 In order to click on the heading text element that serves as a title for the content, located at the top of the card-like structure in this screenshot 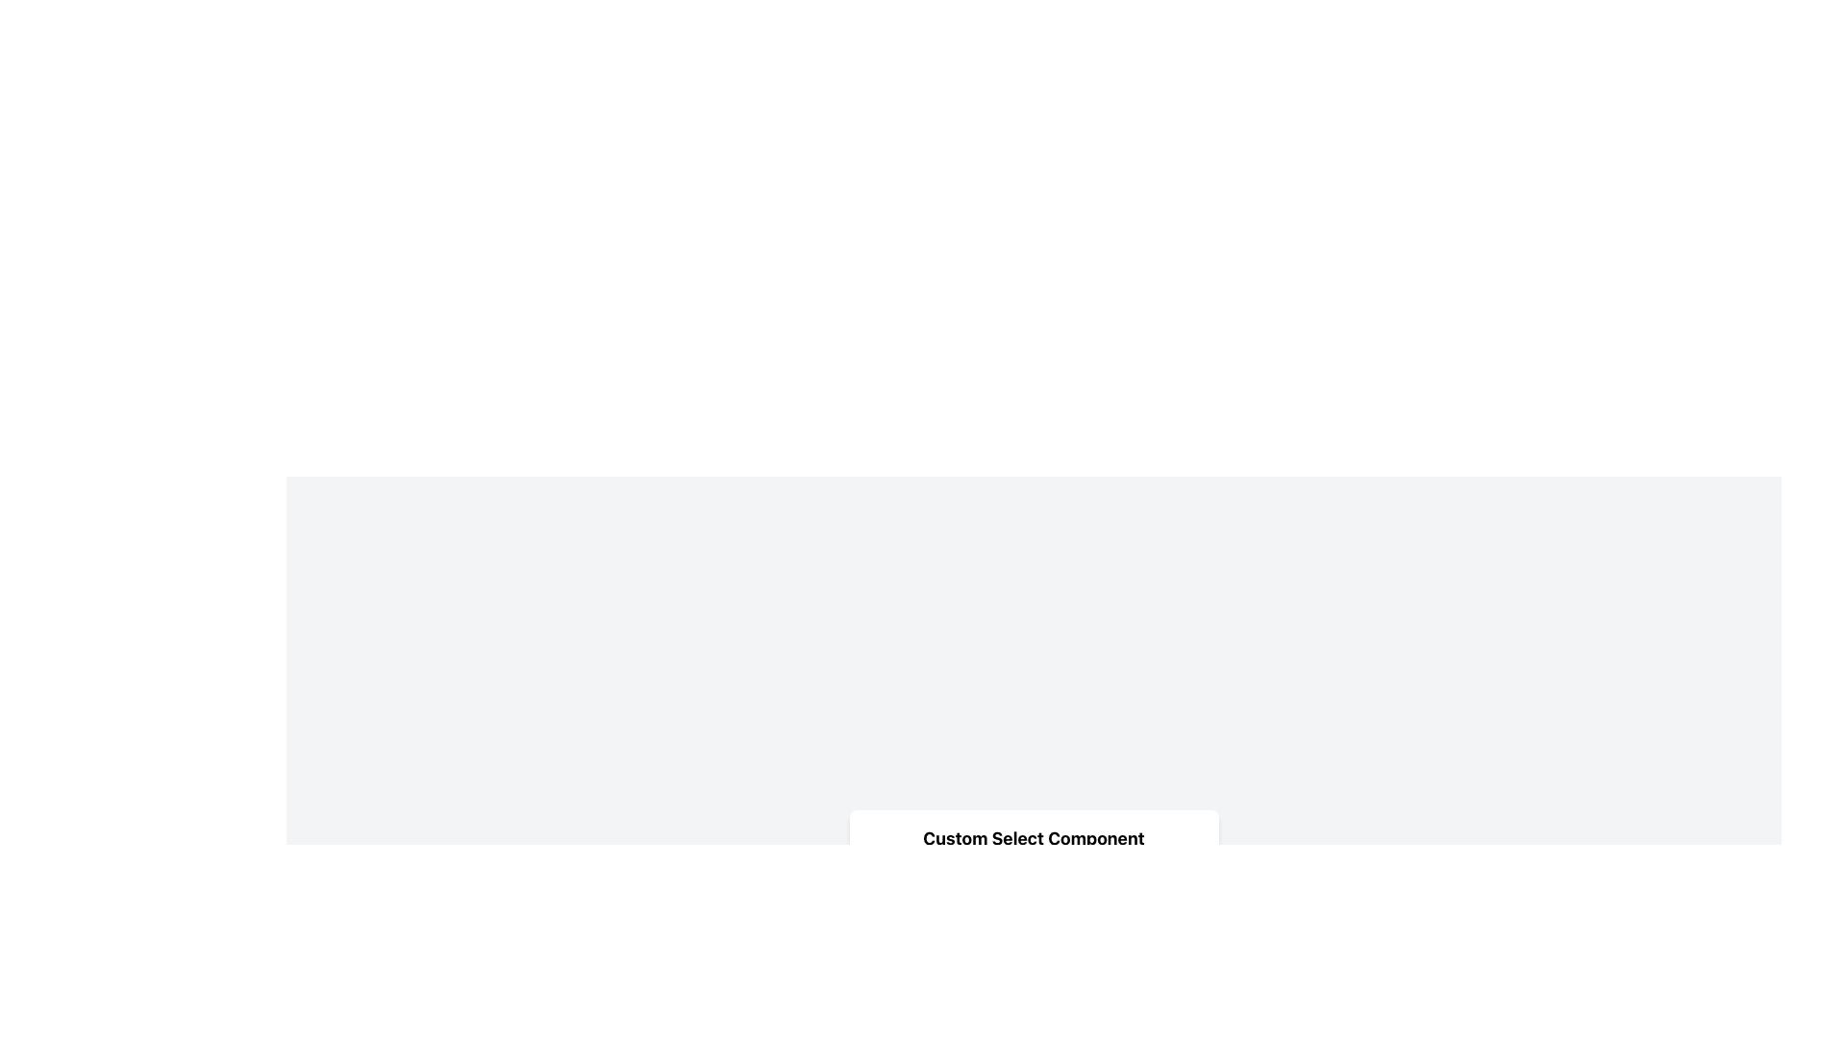, I will do `click(1033, 837)`.